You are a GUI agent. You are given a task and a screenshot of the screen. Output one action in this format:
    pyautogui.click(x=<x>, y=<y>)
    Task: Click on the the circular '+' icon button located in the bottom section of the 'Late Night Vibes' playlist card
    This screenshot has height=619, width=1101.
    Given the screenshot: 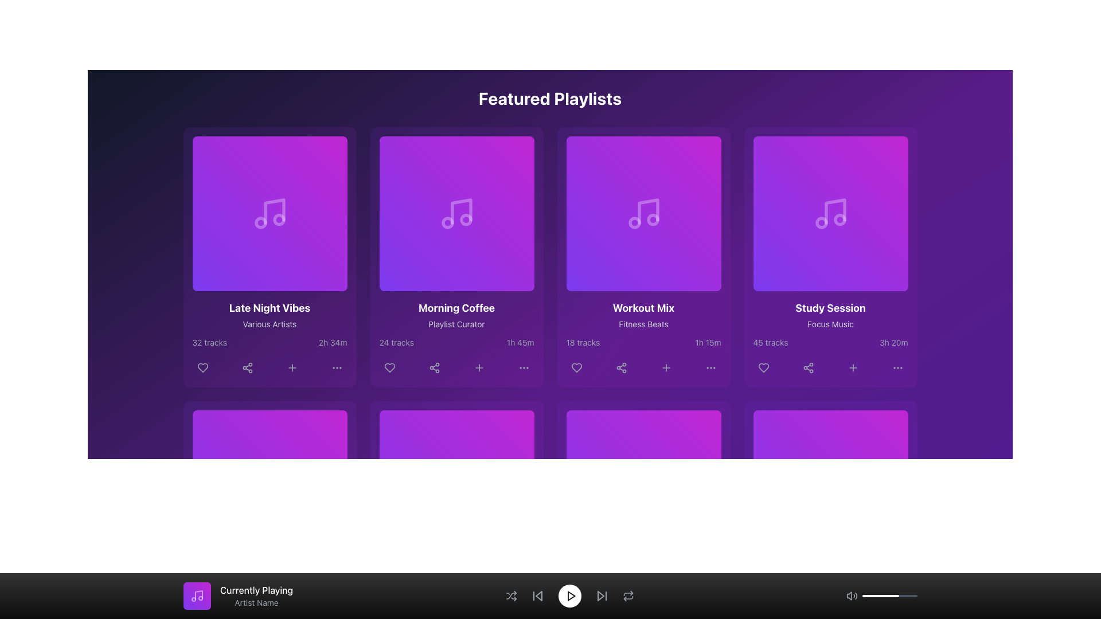 What is the action you would take?
    pyautogui.click(x=292, y=367)
    